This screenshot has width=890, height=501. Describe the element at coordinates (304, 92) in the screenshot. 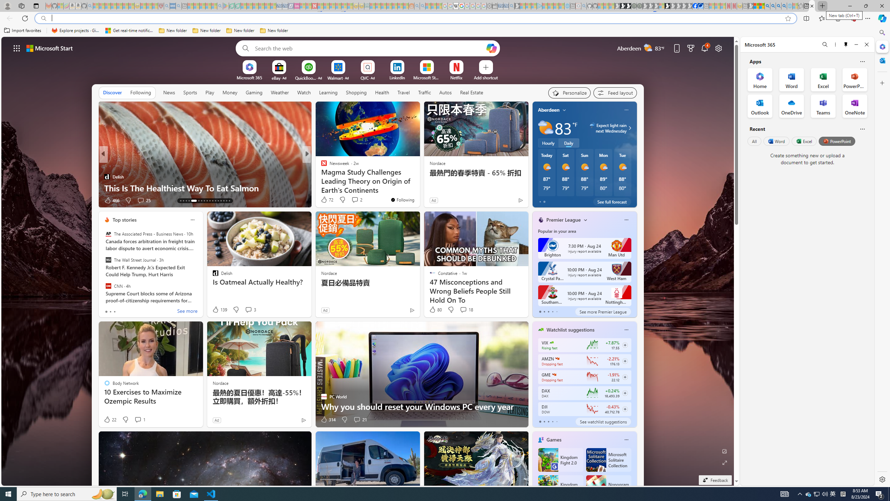

I see `'Watch'` at that location.